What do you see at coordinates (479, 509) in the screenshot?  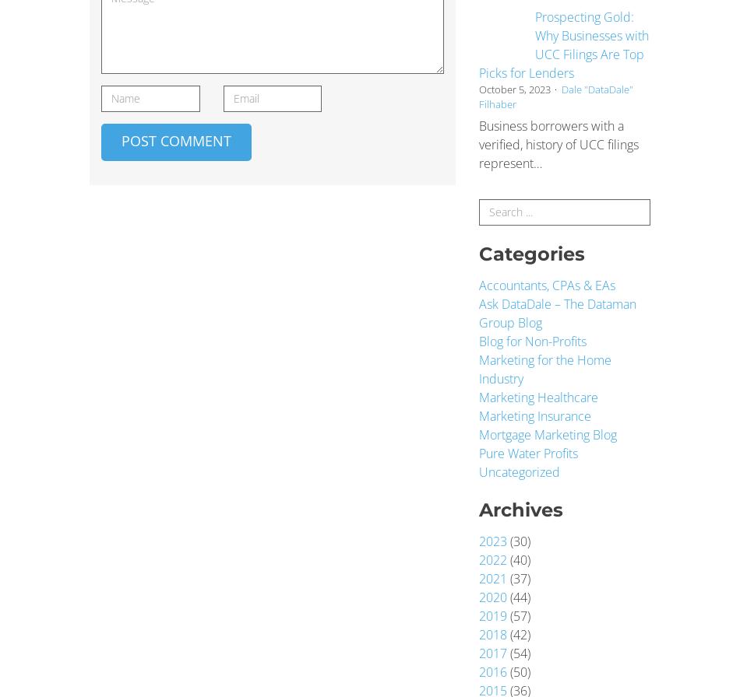 I see `'Archives'` at bounding box center [479, 509].